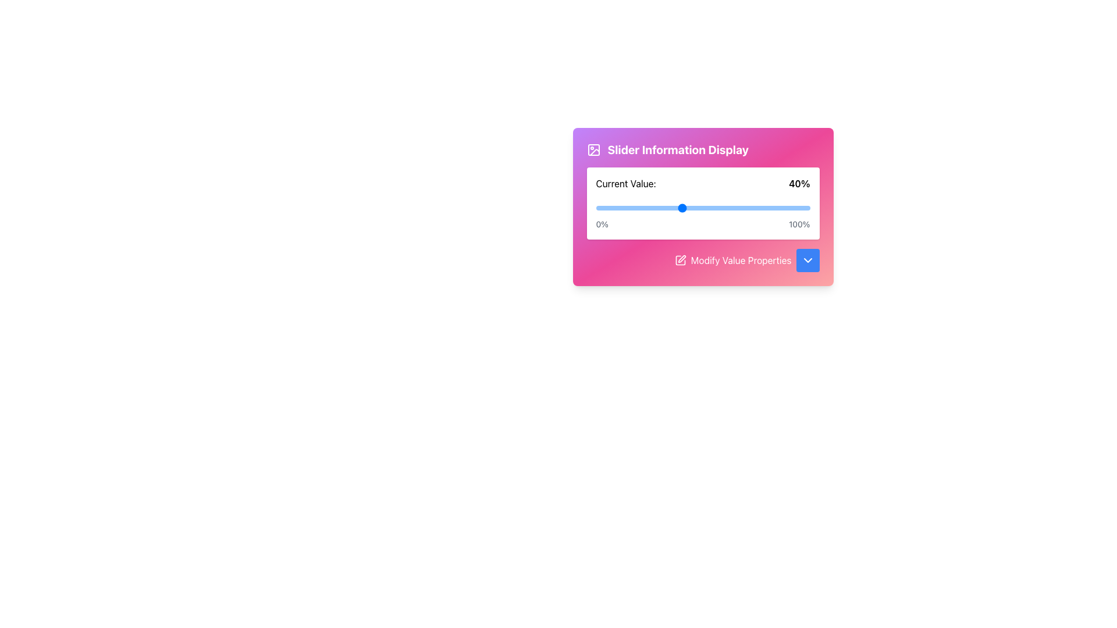 The height and width of the screenshot is (628, 1117). I want to click on the bold text label element displaying '40%' located to the right of the 'Current Value:' label within a gradient pink to purple card, so click(799, 183).